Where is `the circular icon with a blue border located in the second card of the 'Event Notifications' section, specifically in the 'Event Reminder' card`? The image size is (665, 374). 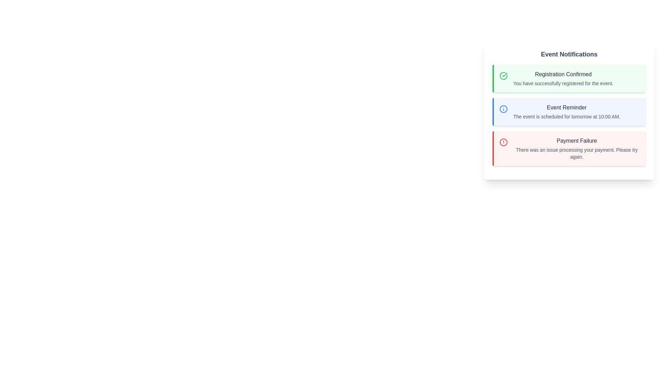
the circular icon with a blue border located in the second card of the 'Event Notifications' section, specifically in the 'Event Reminder' card is located at coordinates (504, 109).